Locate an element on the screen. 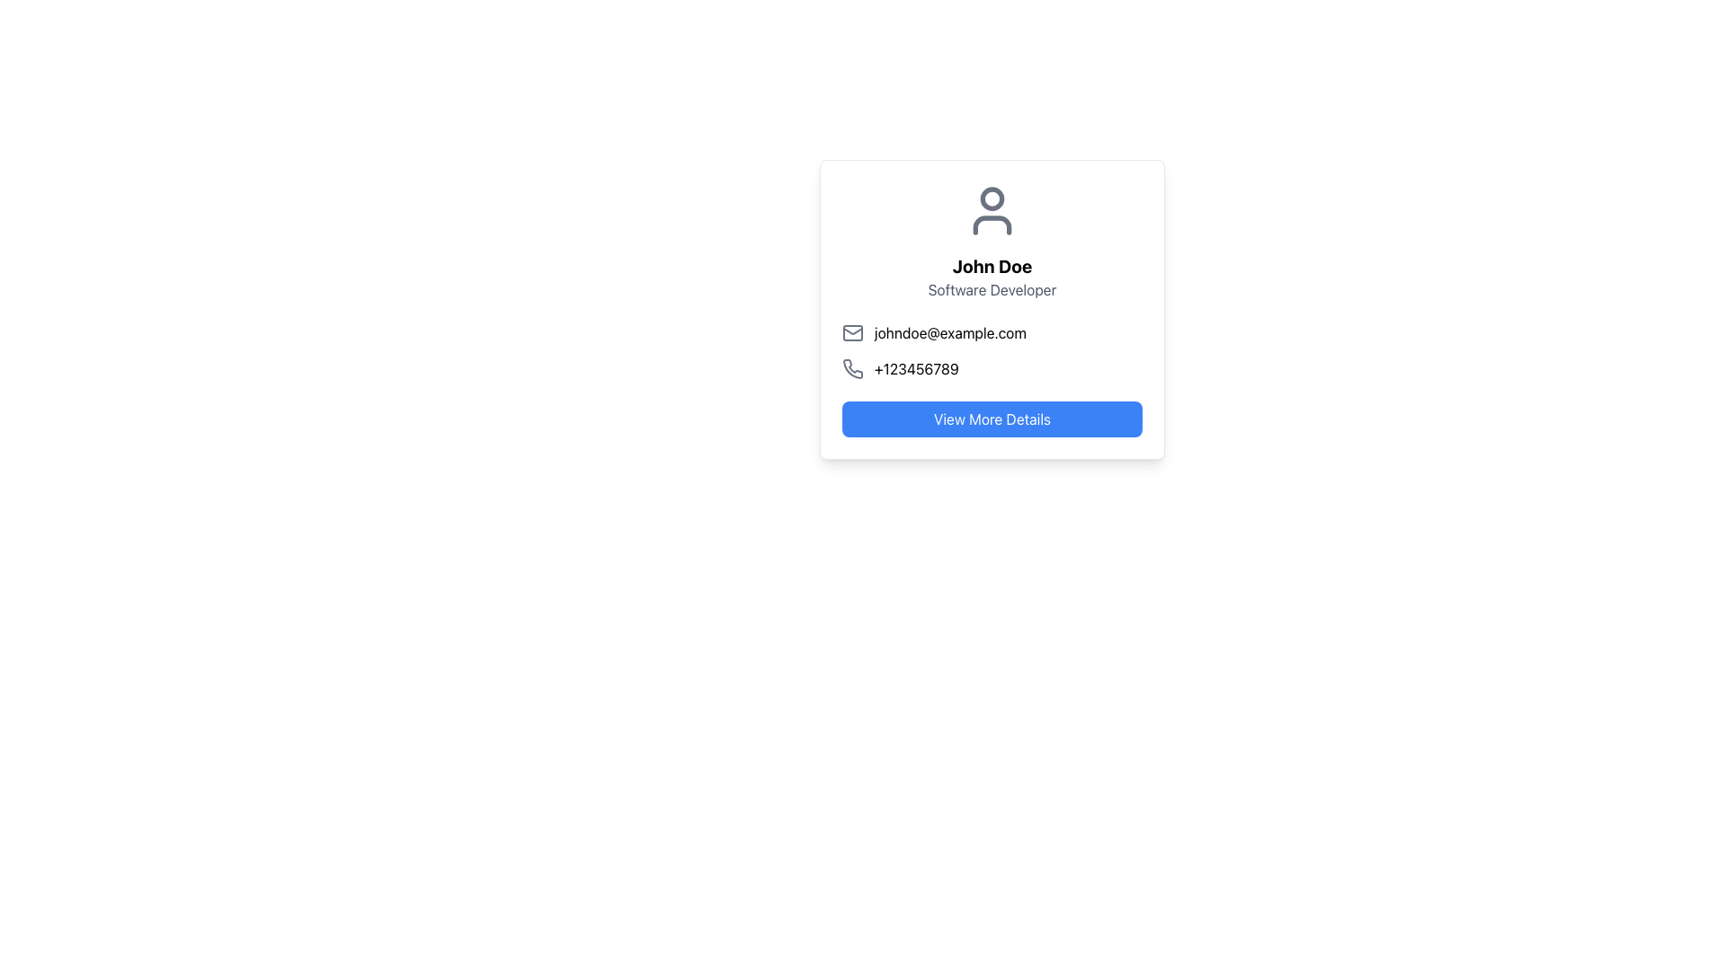 The image size is (1726, 970). the static text displaying 'John Doe', which serves as the name identifier within the card, positioned below a user icon and above 'Software Developer' is located at coordinates (992, 267).